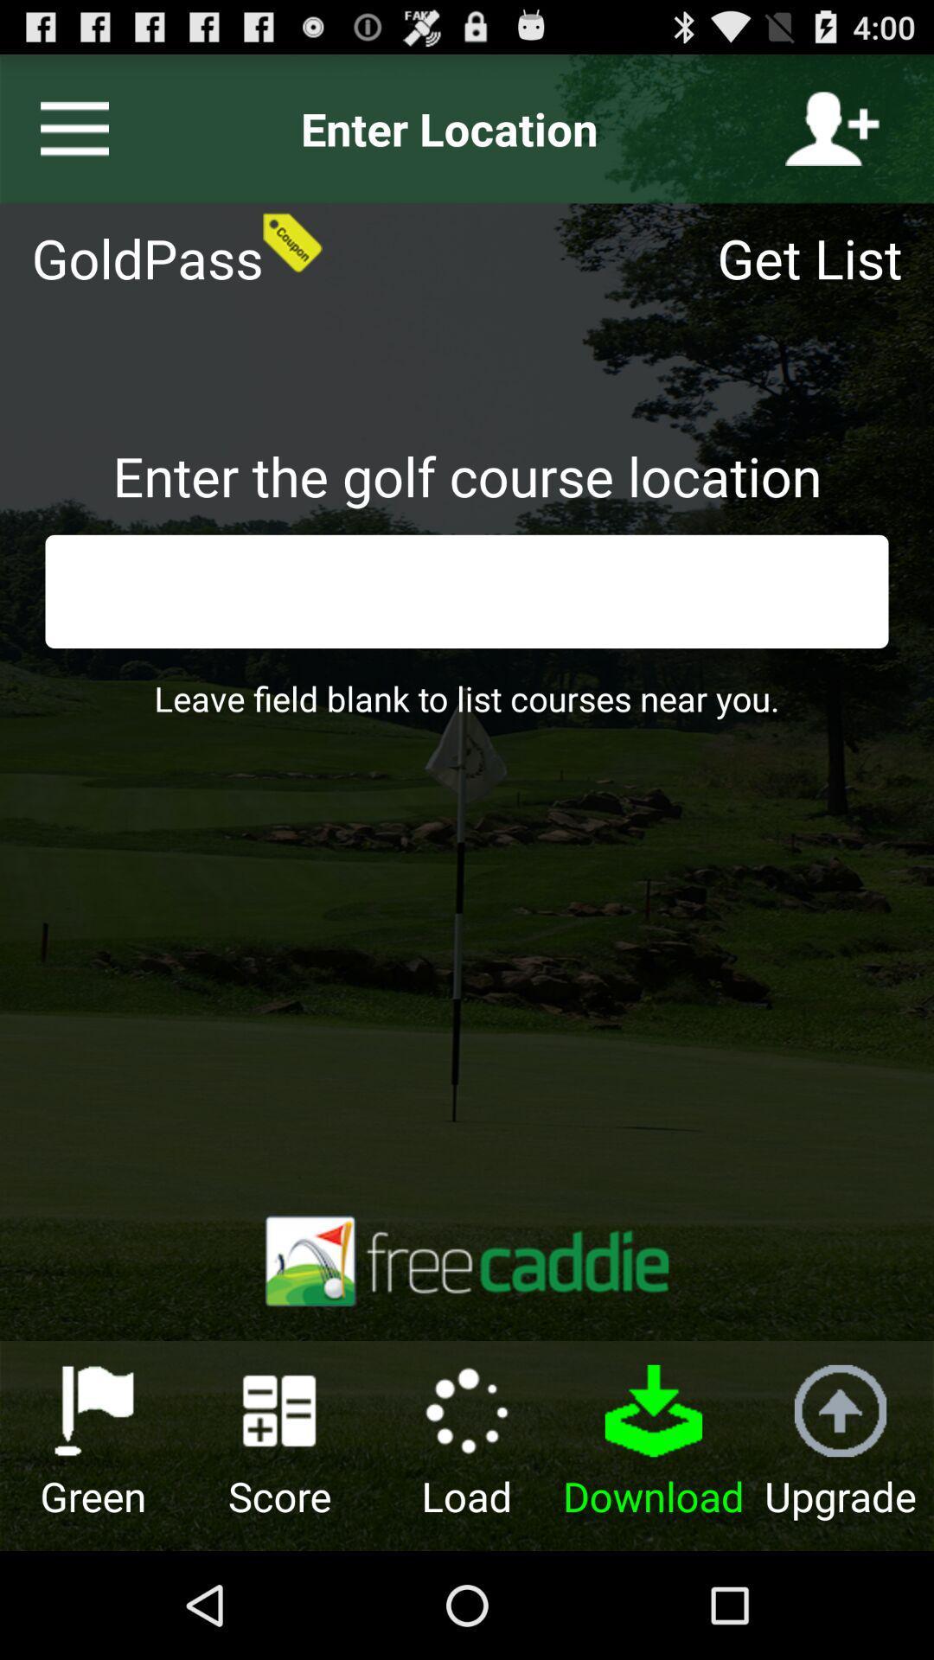  What do you see at coordinates (831, 128) in the screenshot?
I see `icon next to the enter location` at bounding box center [831, 128].